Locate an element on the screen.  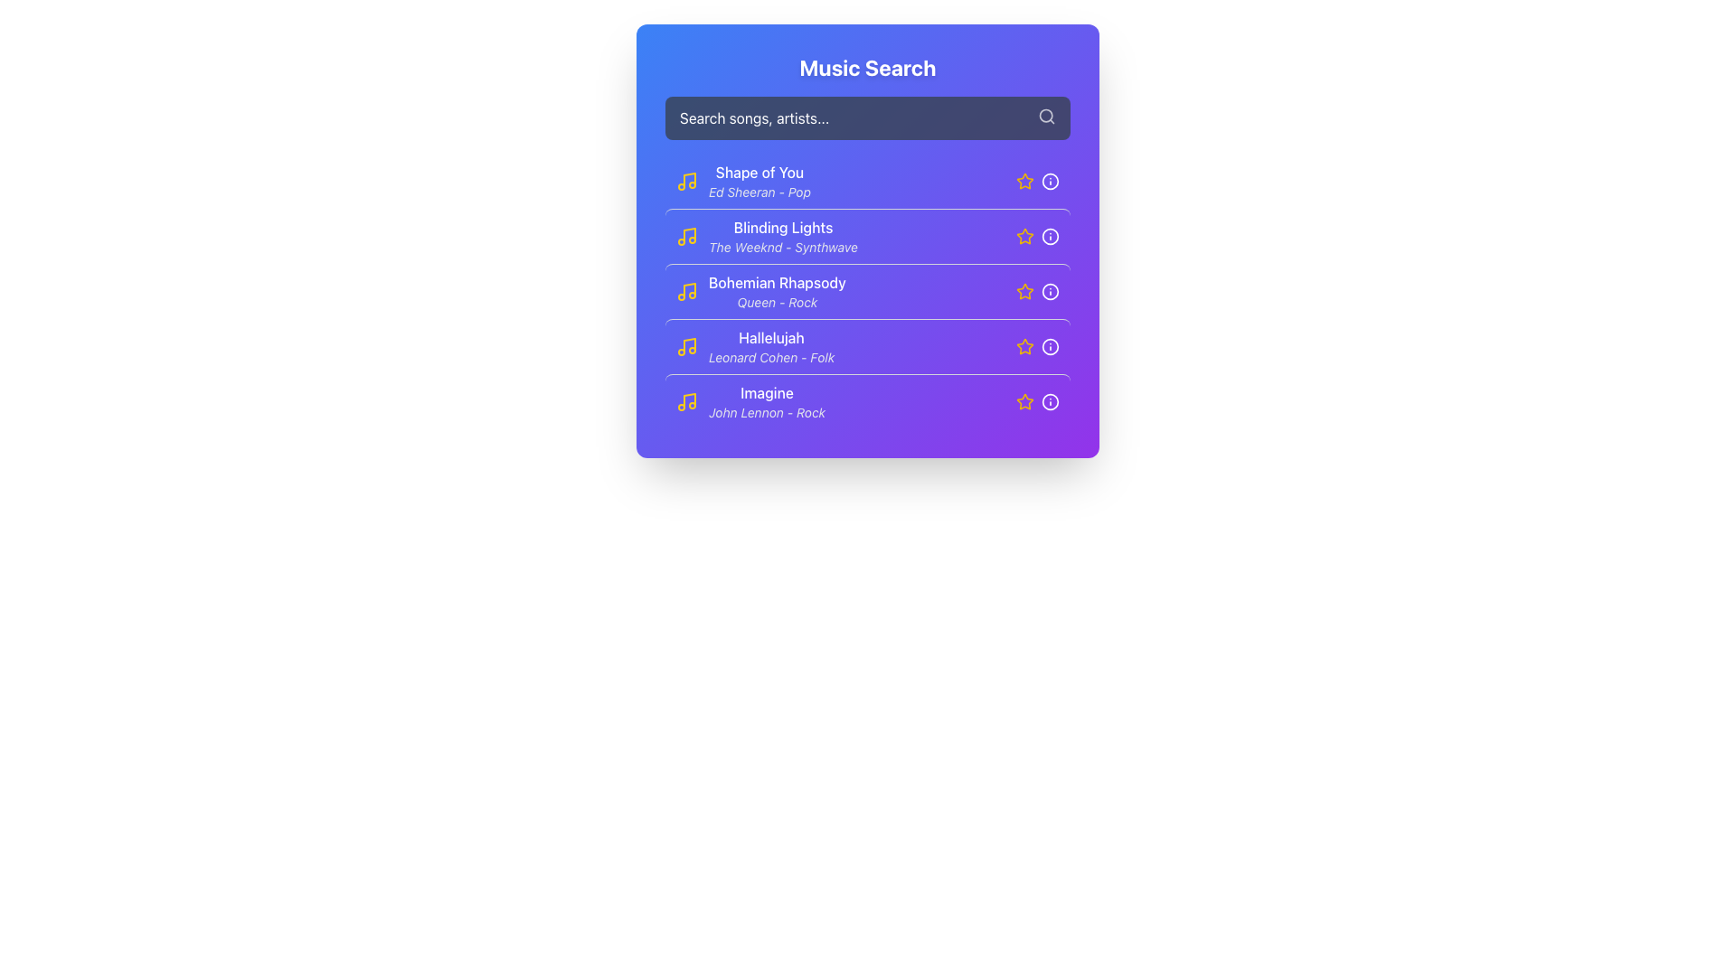
the third star-shaped interactive icon in yellow, associated with the song 'Bohemian Rhapsody', to rate or bookmark it is located at coordinates (1024, 289).